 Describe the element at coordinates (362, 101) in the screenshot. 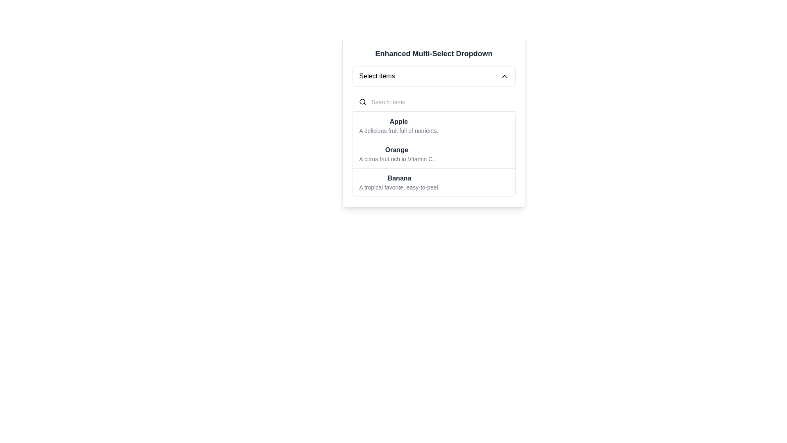

I see `the circular part of the magnifying glass icon located within the dropdown list UI near the 'Search items' input field` at that location.